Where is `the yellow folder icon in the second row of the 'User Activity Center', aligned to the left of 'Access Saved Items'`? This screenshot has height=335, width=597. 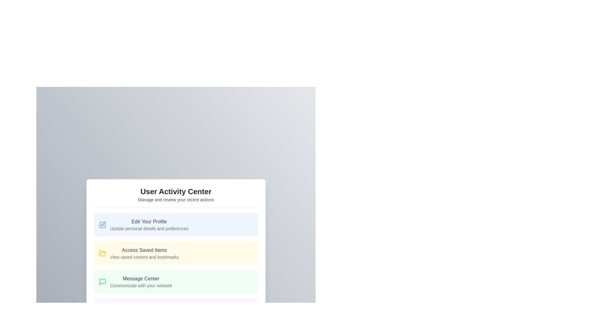 the yellow folder icon in the second row of the 'User Activity Center', aligned to the left of 'Access Saved Items' is located at coordinates (103, 253).